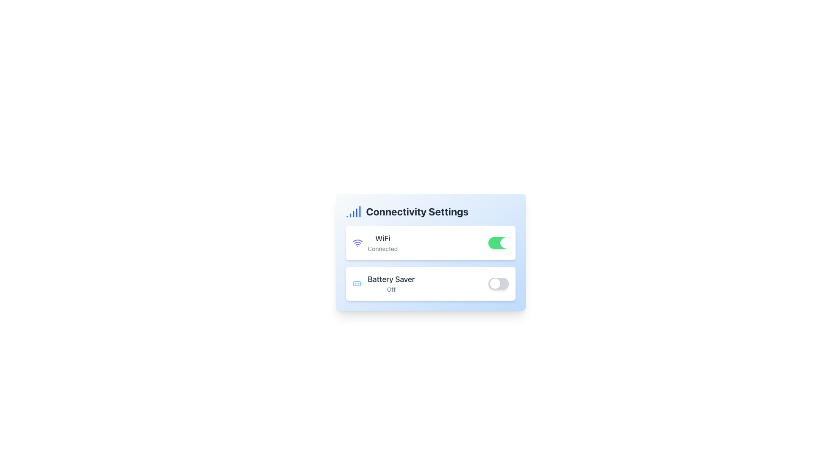 The width and height of the screenshot is (814, 458). I want to click on the Informational Text indicating the status of the Battery Saver feature, which is currently turned 'Off', located in the second row of the list under 'Connectivity Settings', so click(390, 283).